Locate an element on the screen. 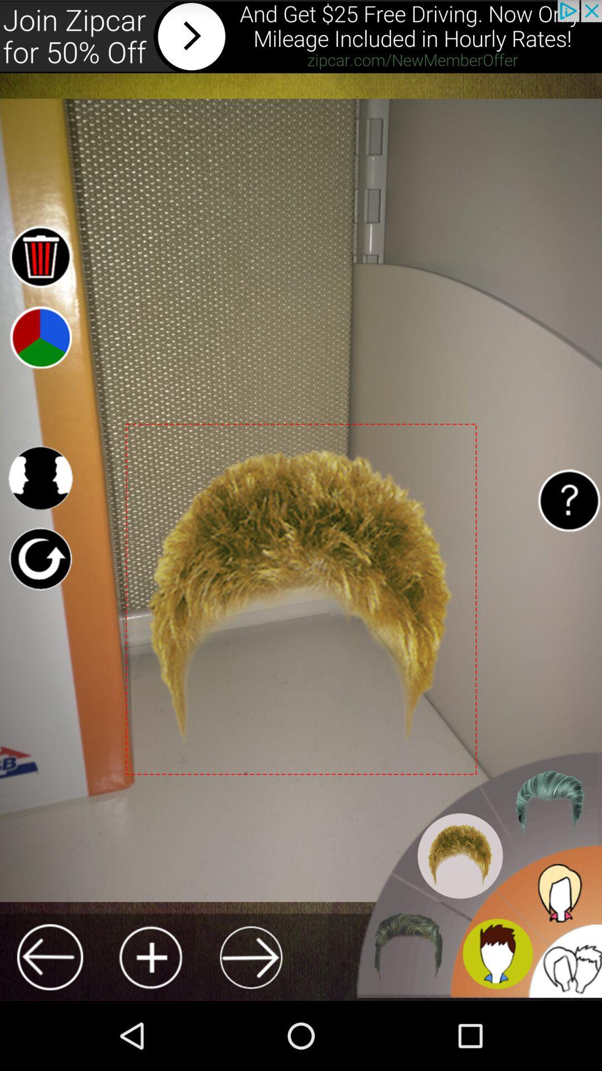 The width and height of the screenshot is (602, 1071). refresh page is located at coordinates (40, 559).